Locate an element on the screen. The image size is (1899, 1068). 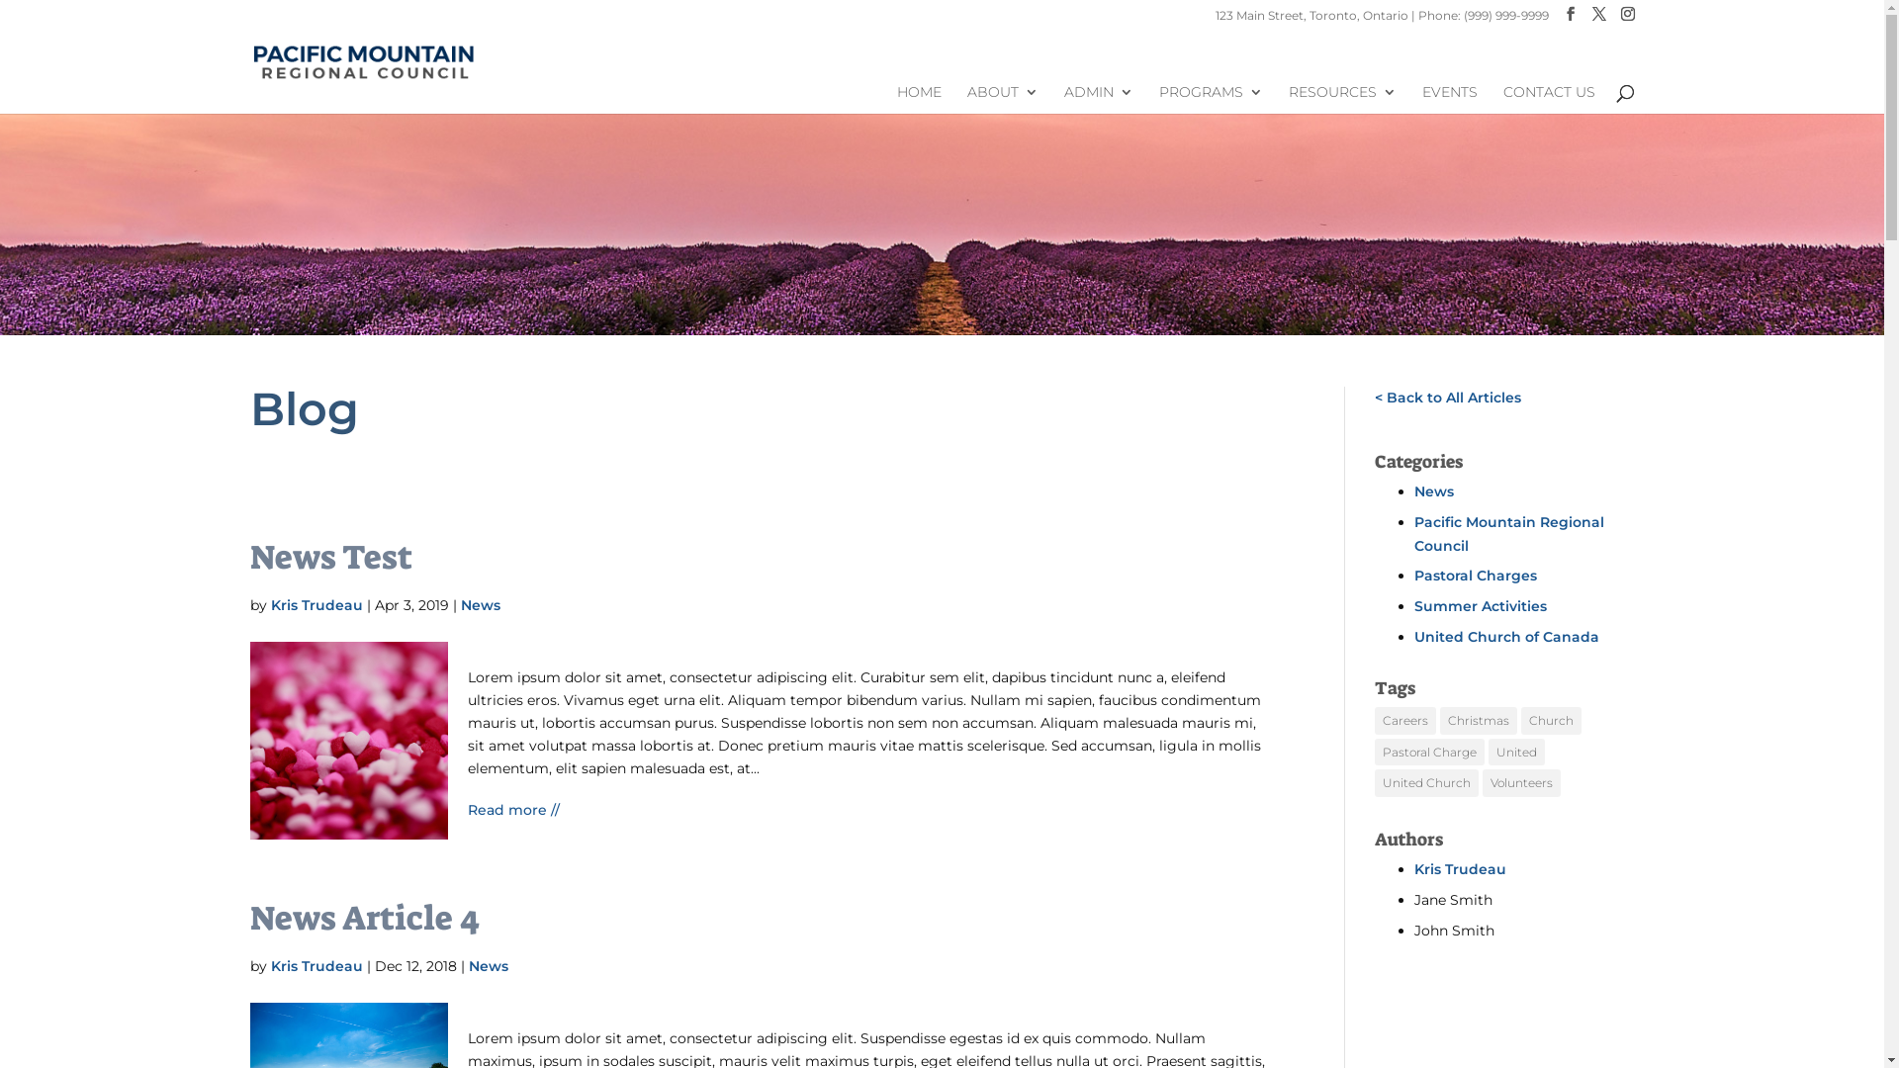
'< Back to All Articles' is located at coordinates (1448, 397).